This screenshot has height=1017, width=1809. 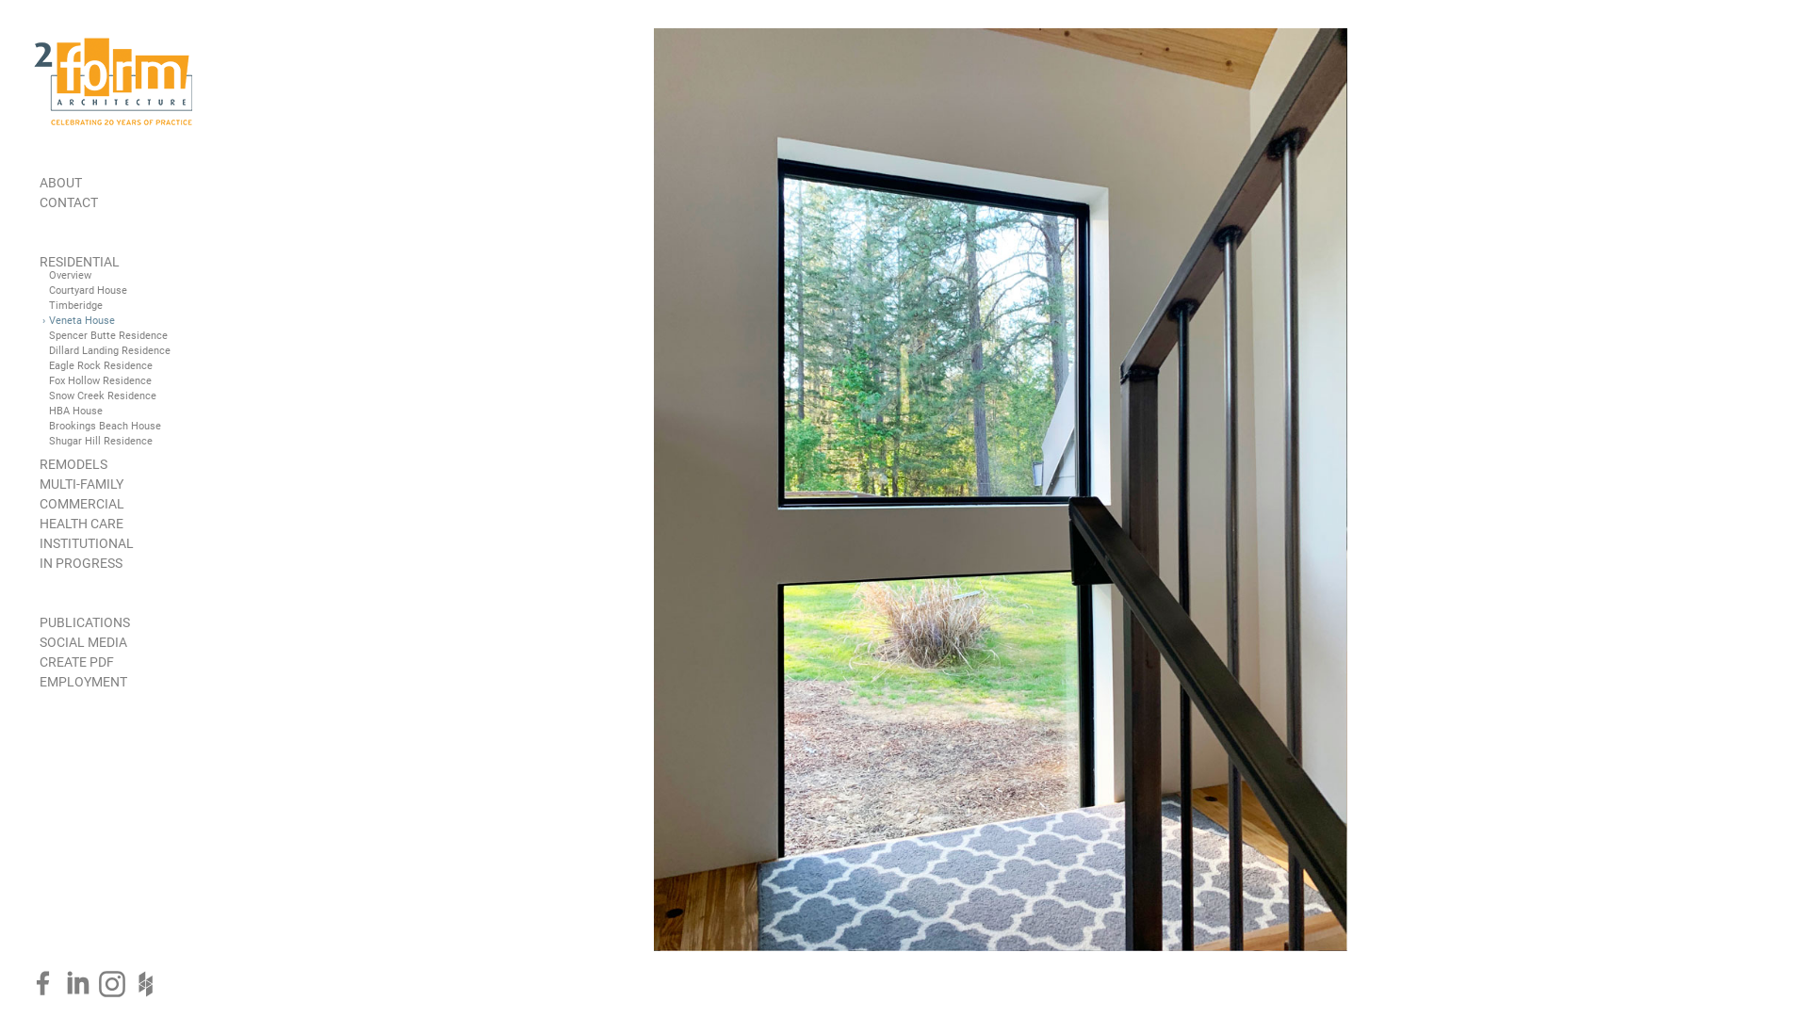 What do you see at coordinates (60, 182) in the screenshot?
I see `'ABOUT'` at bounding box center [60, 182].